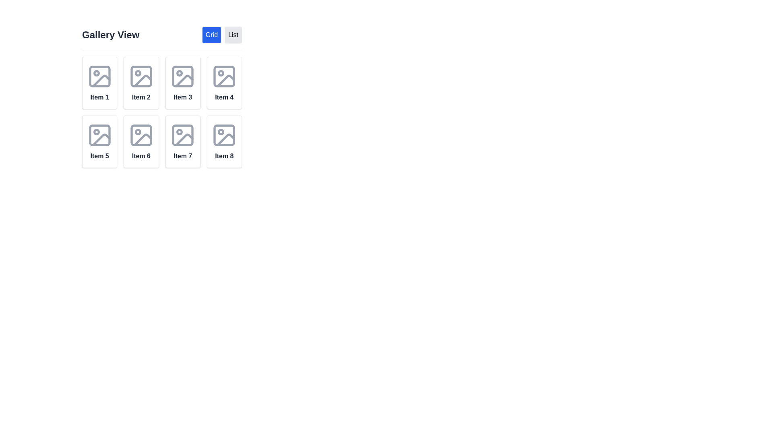 Image resolution: width=773 pixels, height=435 pixels. I want to click on the text 'Item 3' located on the Card with an image and a label, so click(182, 83).